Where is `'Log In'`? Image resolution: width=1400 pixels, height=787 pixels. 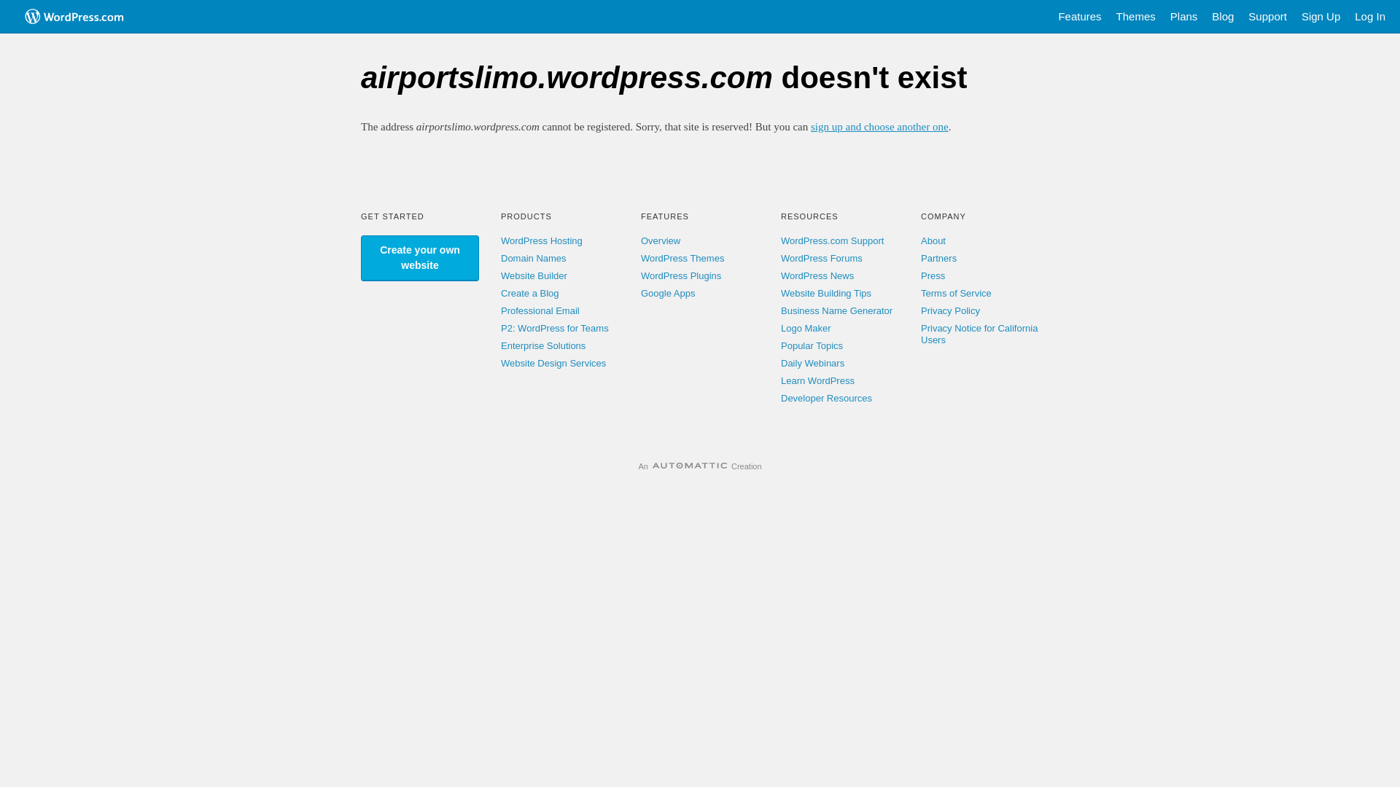 'Log In' is located at coordinates (1369, 17).